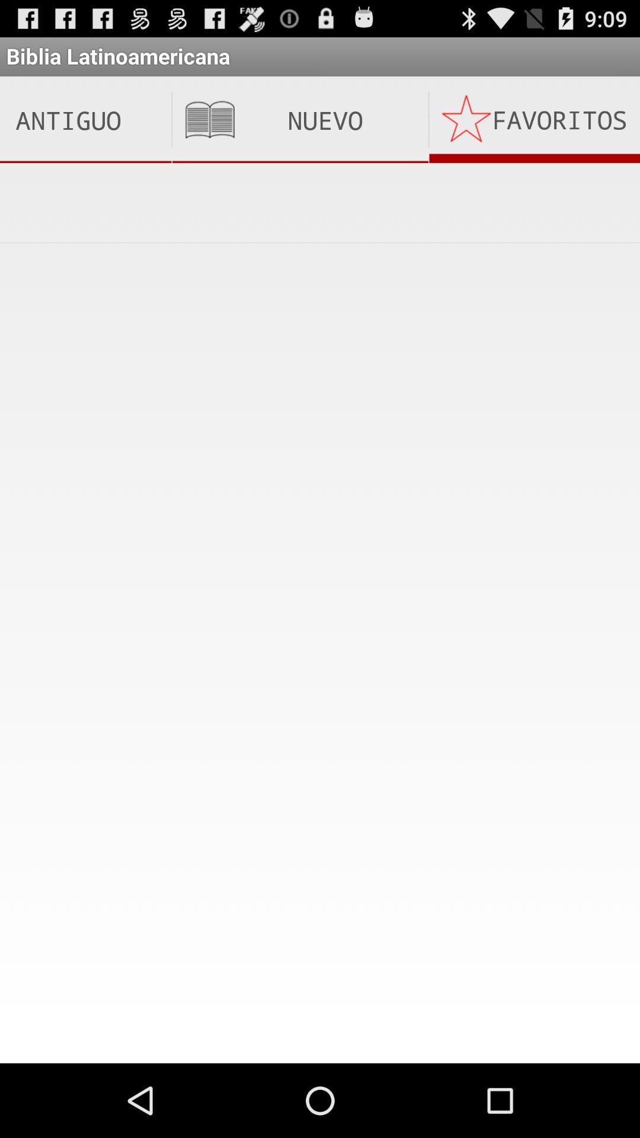  I want to click on the icon to the right of the nuevo testamento, so click(535, 120).